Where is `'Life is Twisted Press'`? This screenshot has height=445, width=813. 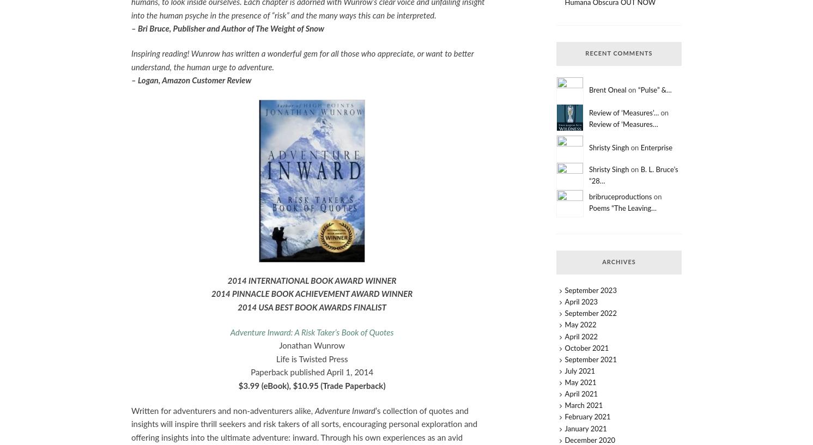 'Life is Twisted Press' is located at coordinates (275, 358).